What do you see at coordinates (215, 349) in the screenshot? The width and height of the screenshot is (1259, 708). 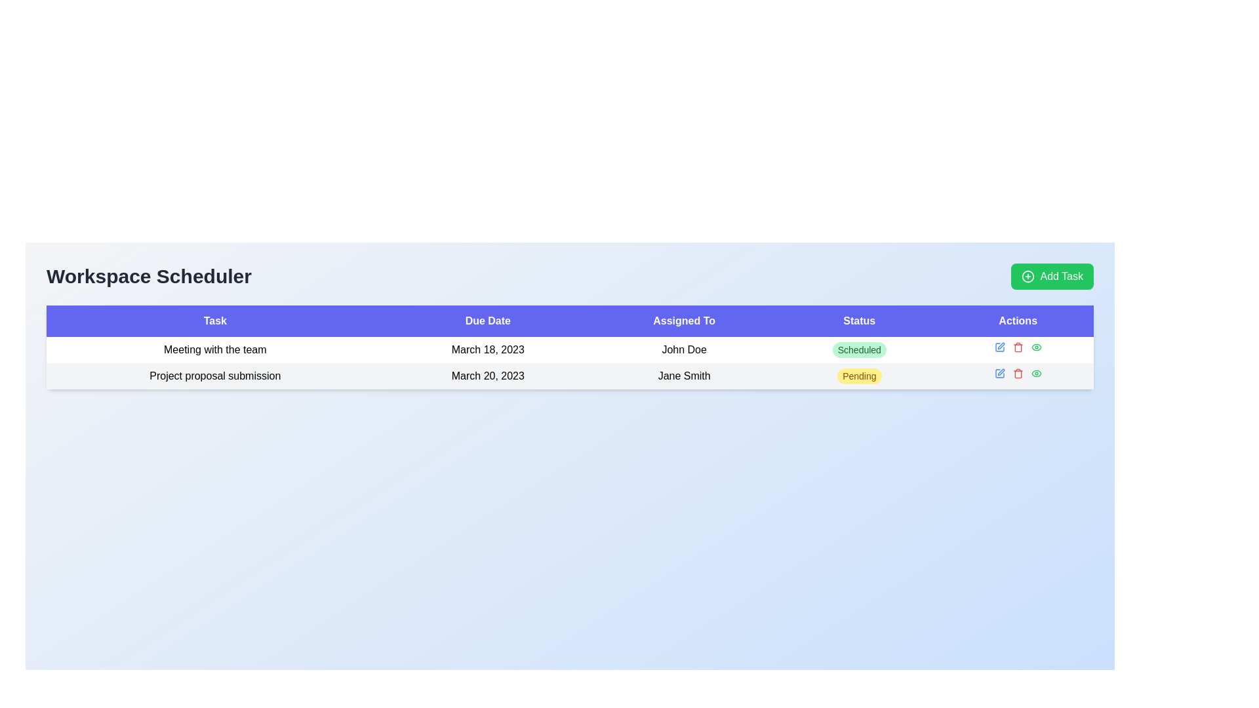 I see `the text label displaying 'Meeting with the team' located in the 'Task' column of the table` at bounding box center [215, 349].